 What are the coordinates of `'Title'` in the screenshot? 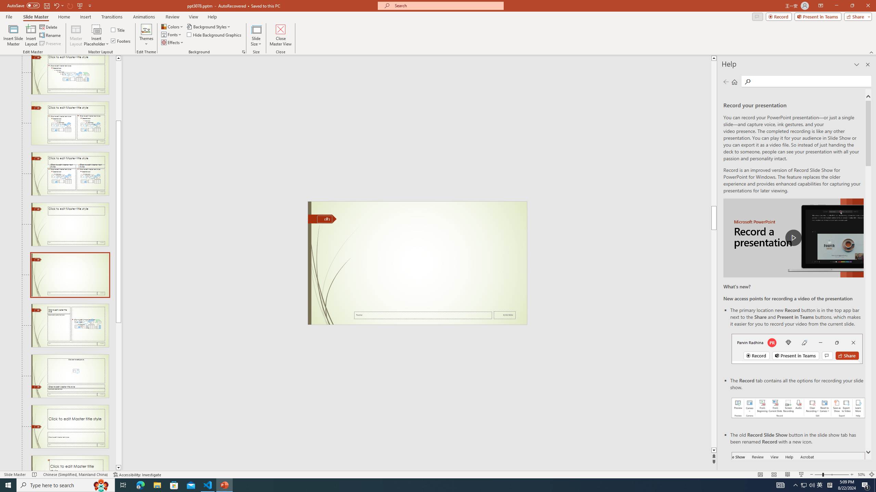 It's located at (118, 30).